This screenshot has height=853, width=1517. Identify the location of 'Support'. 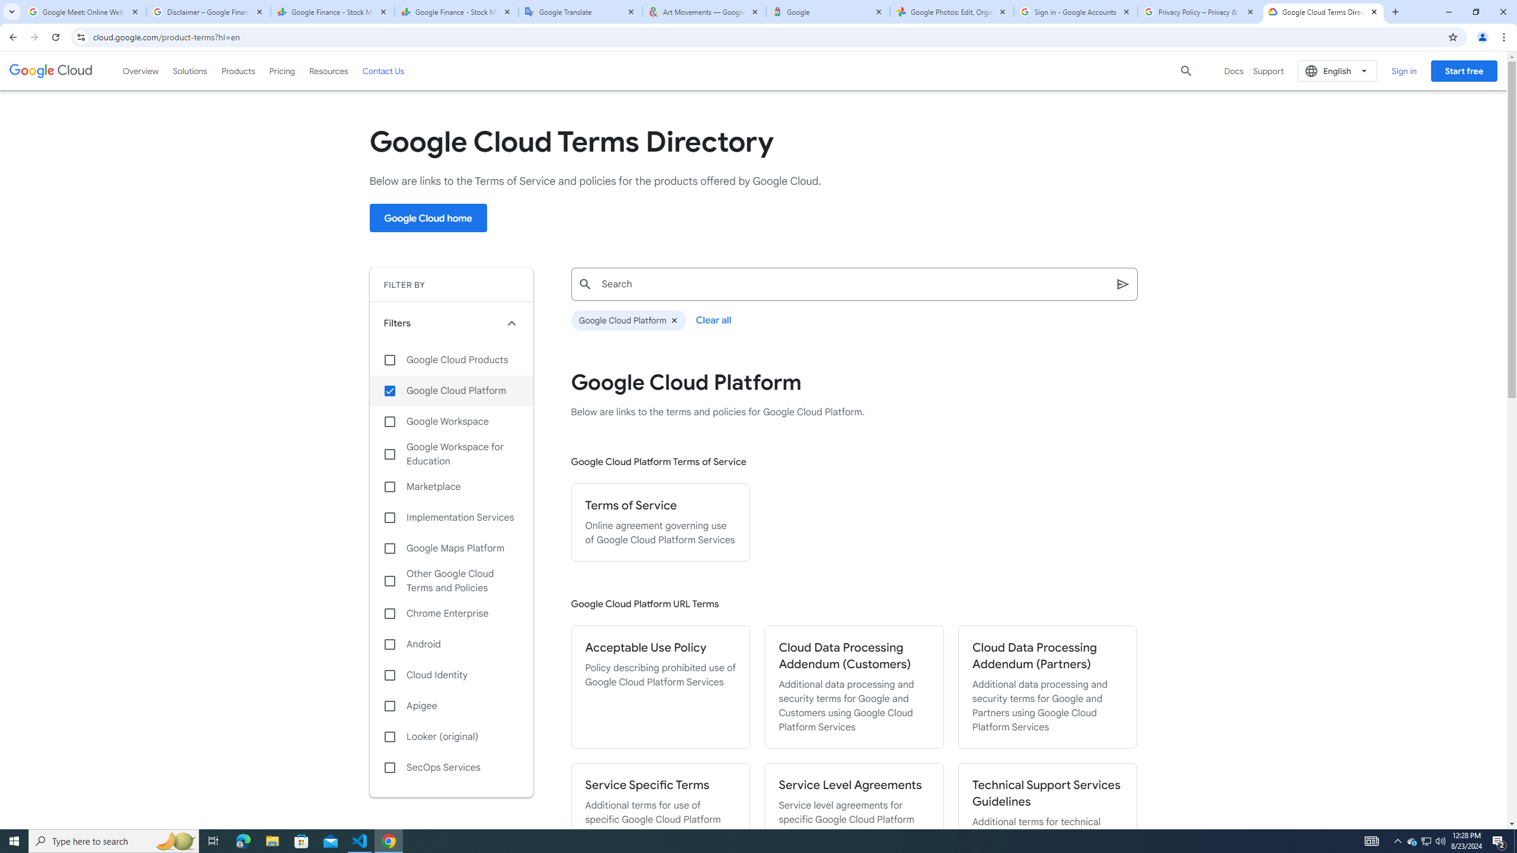
(1268, 70).